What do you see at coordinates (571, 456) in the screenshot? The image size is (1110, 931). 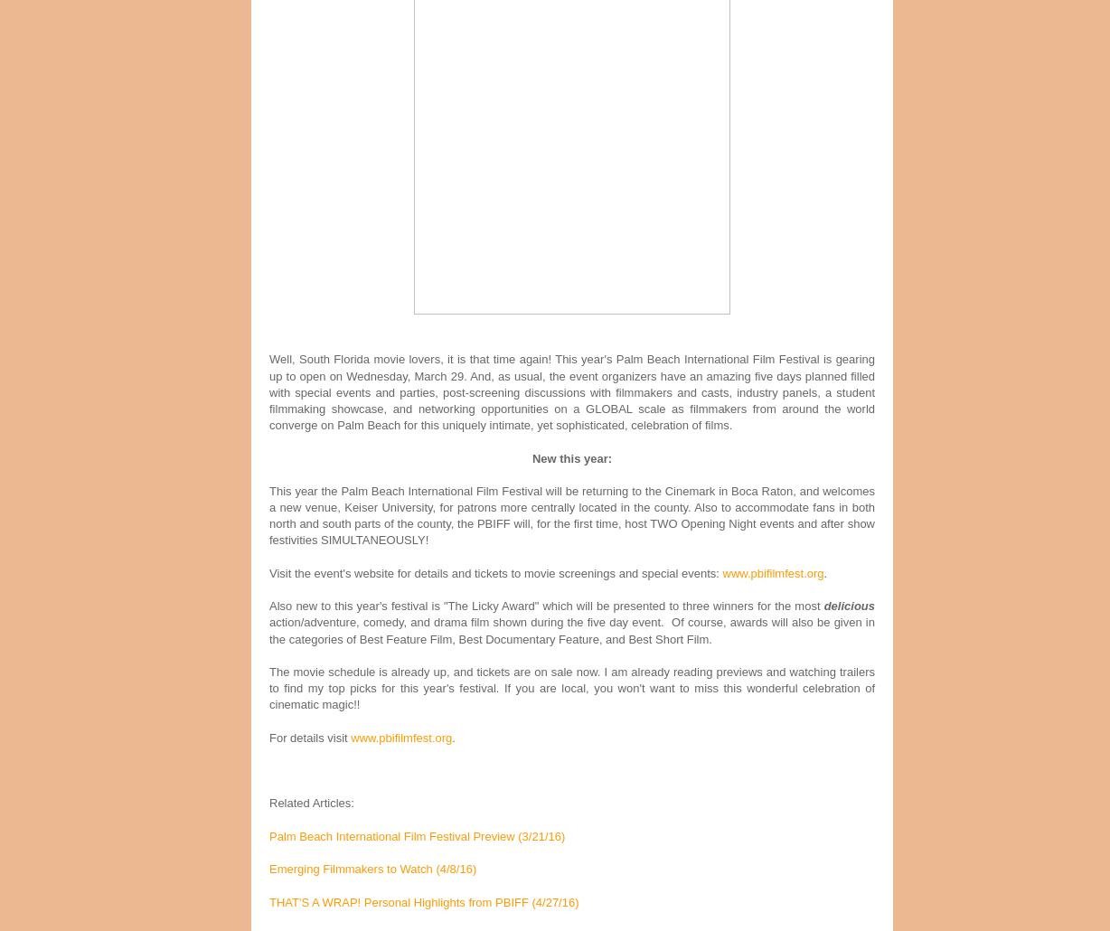 I see `'New this year:'` at bounding box center [571, 456].